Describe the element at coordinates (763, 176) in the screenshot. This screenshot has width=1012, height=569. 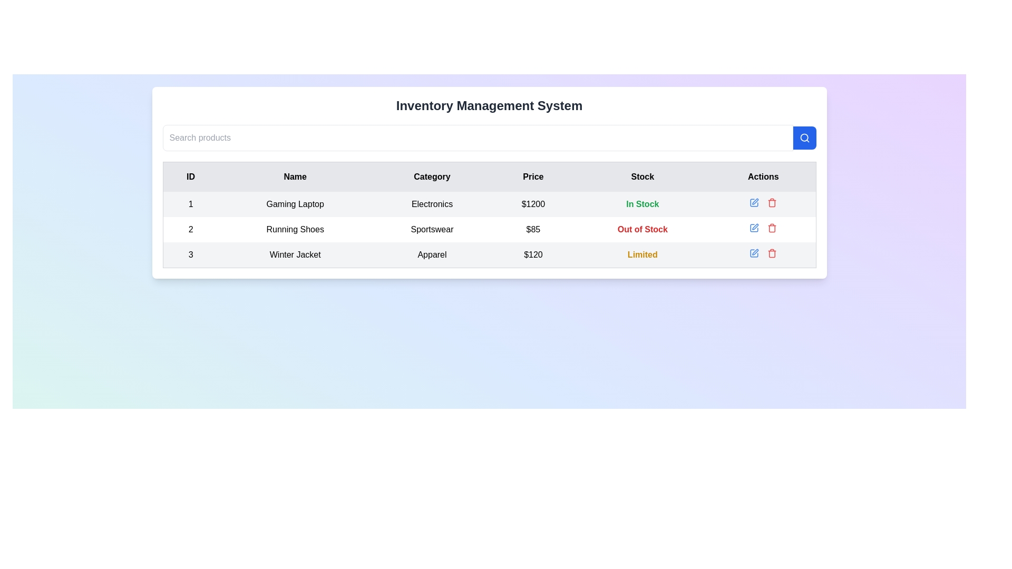
I see `the 'Actions' text header label, which is in bold black font on a grey background, positioned as the sixth column header in a table header row` at that location.